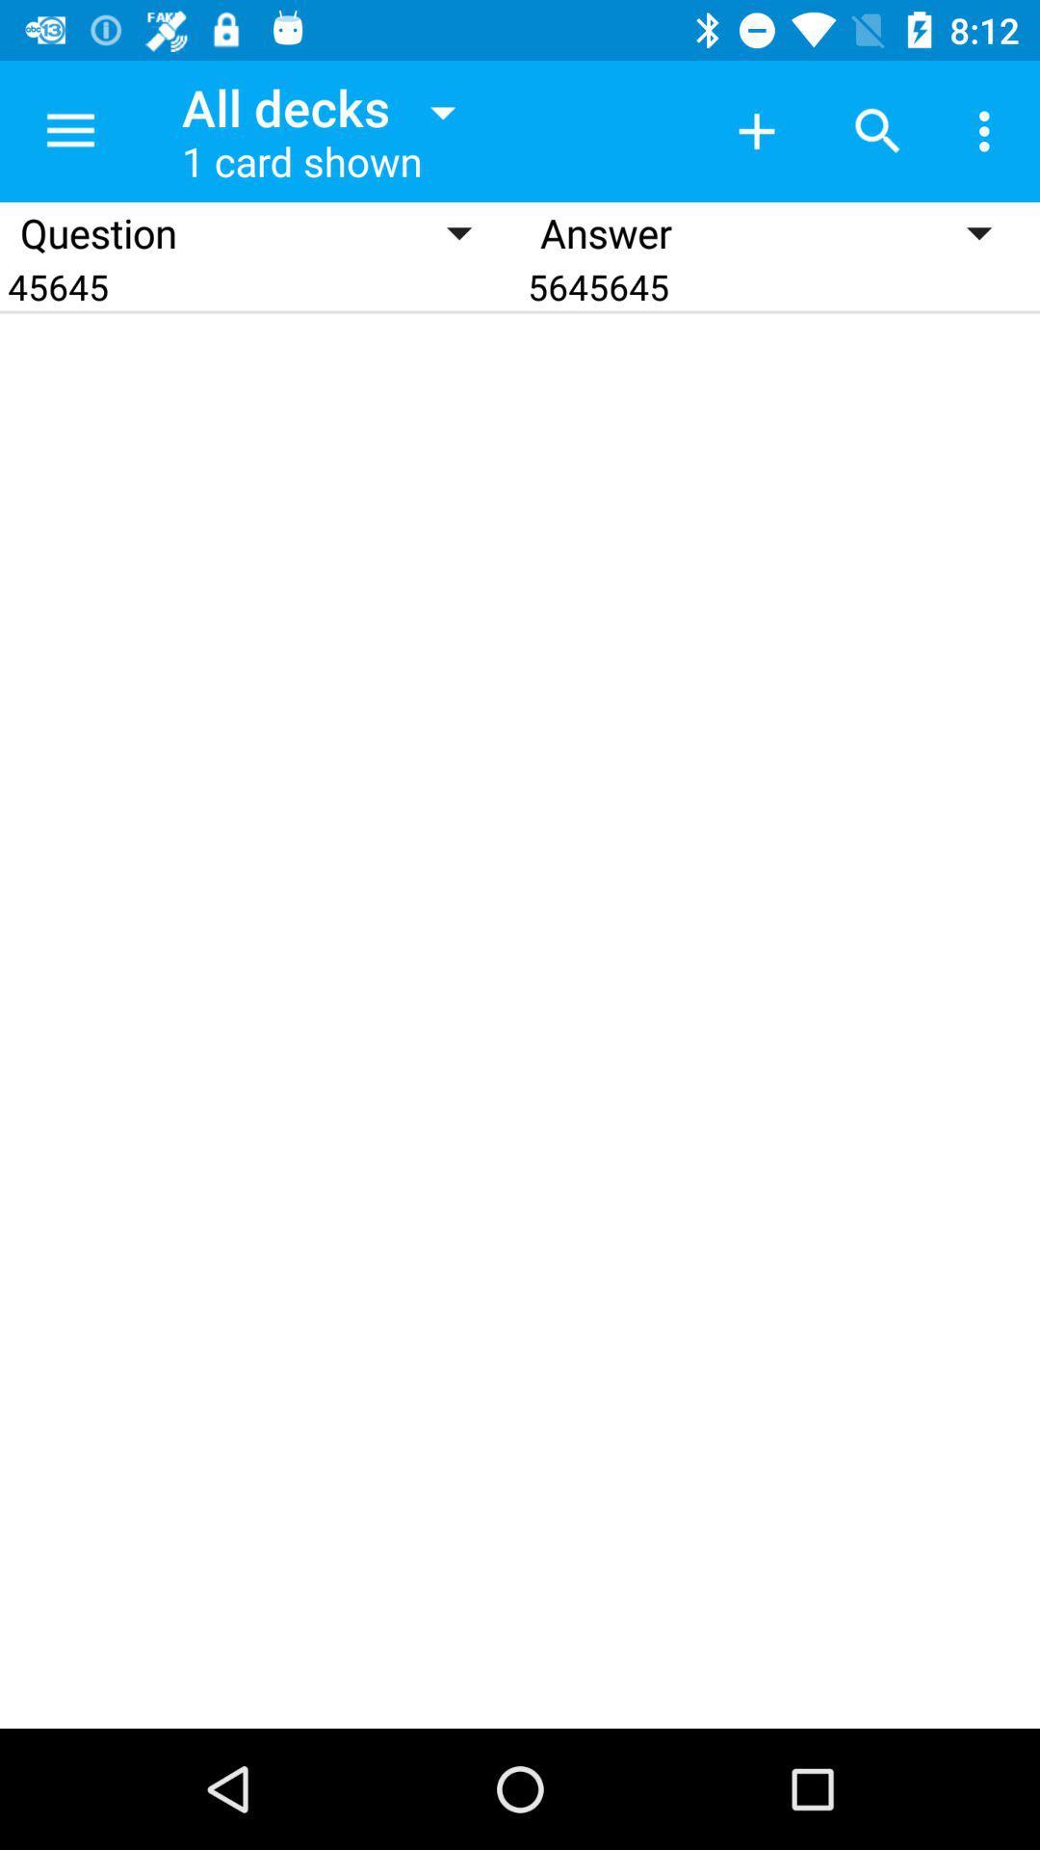 The height and width of the screenshot is (1850, 1040). What do you see at coordinates (260, 285) in the screenshot?
I see `item below question item` at bounding box center [260, 285].